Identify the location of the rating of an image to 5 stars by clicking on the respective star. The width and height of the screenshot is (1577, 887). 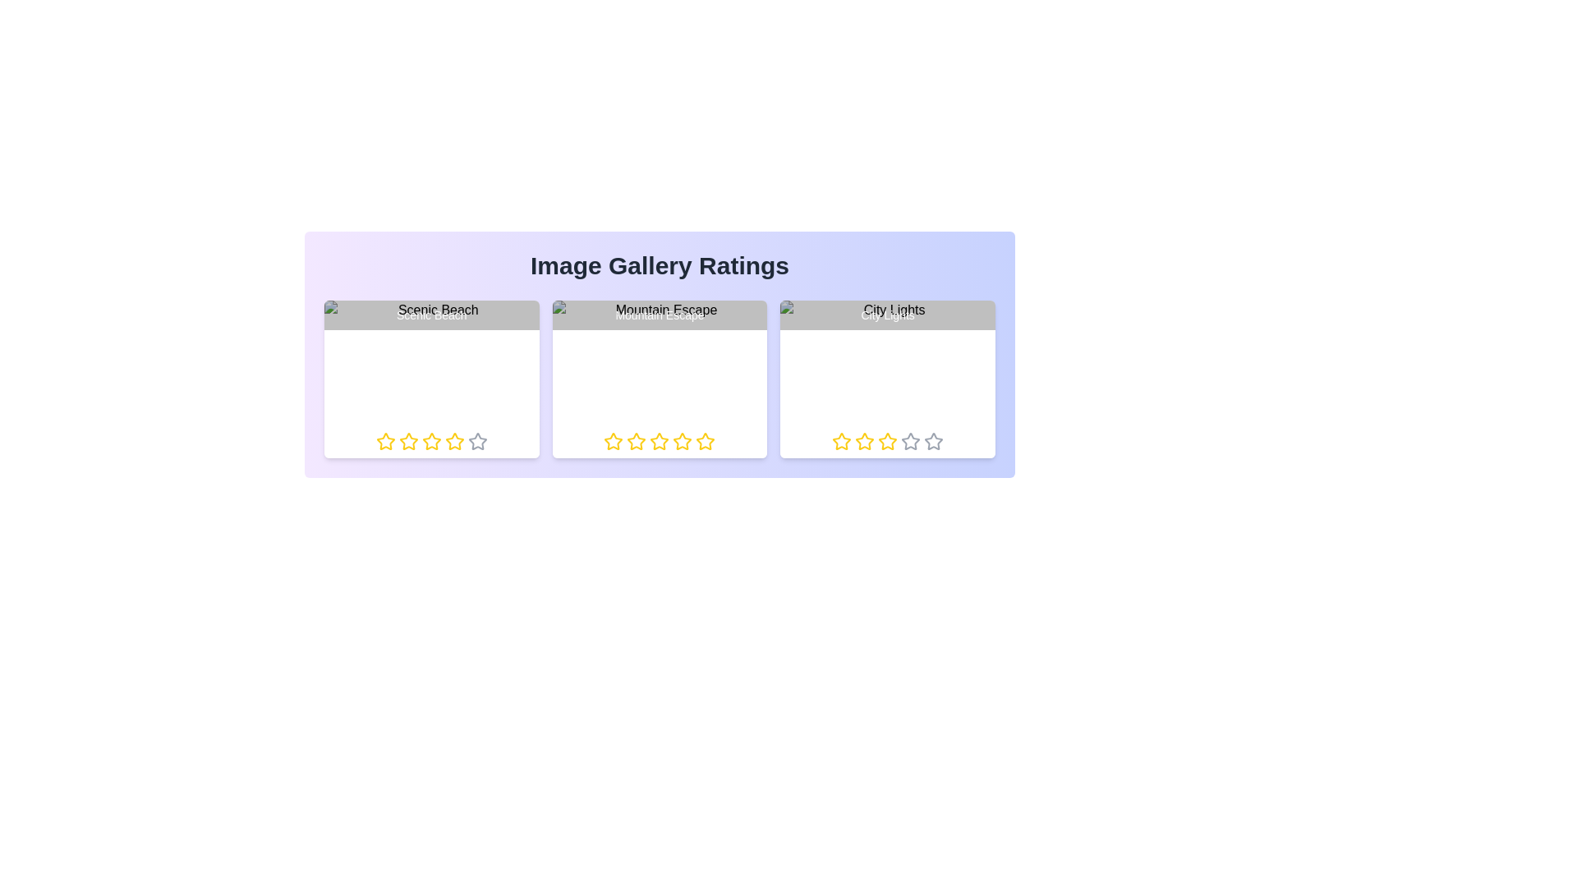
(476, 440).